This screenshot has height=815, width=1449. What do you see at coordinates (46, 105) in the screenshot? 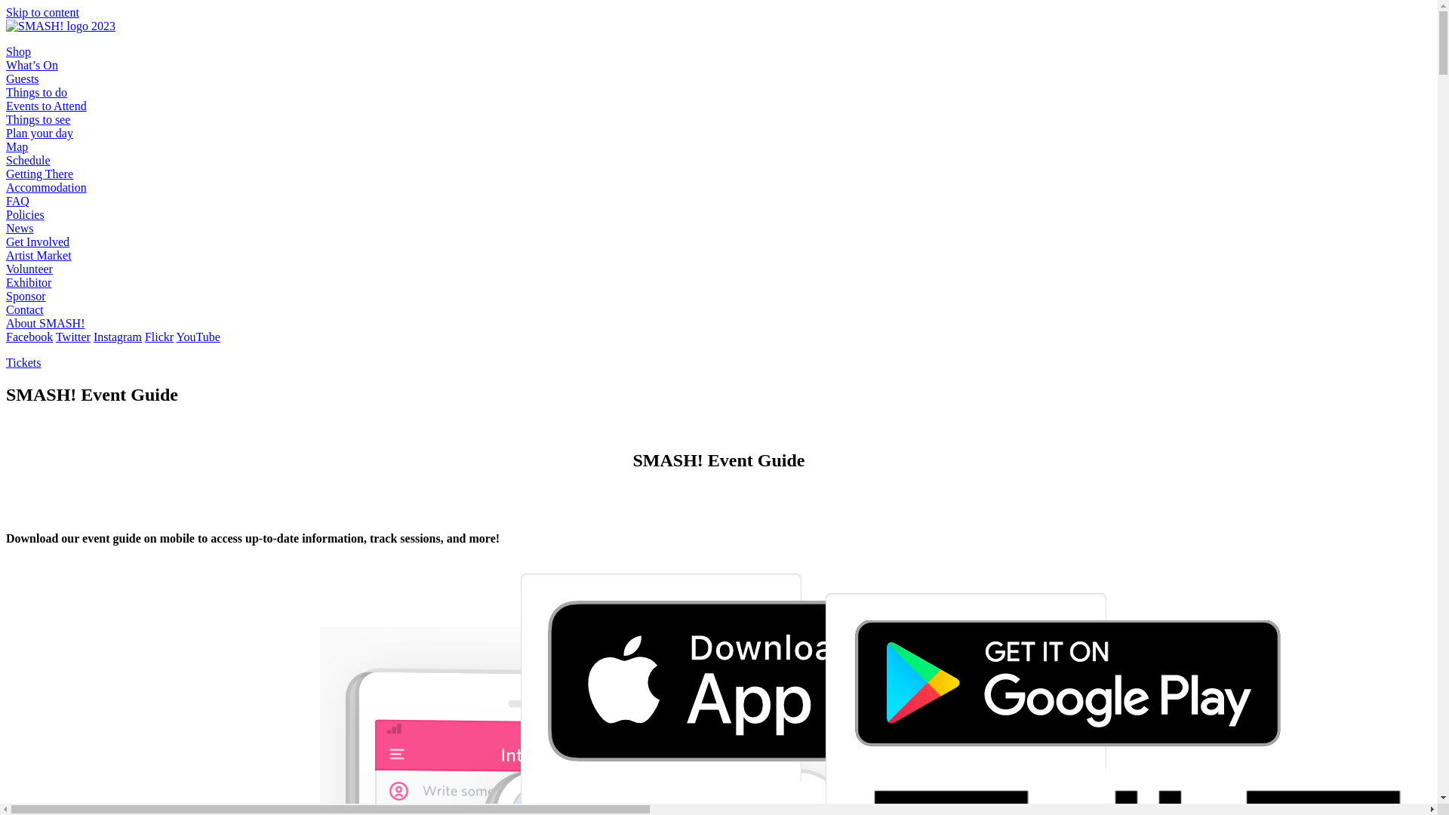
I see `'Events to Attend'` at bounding box center [46, 105].